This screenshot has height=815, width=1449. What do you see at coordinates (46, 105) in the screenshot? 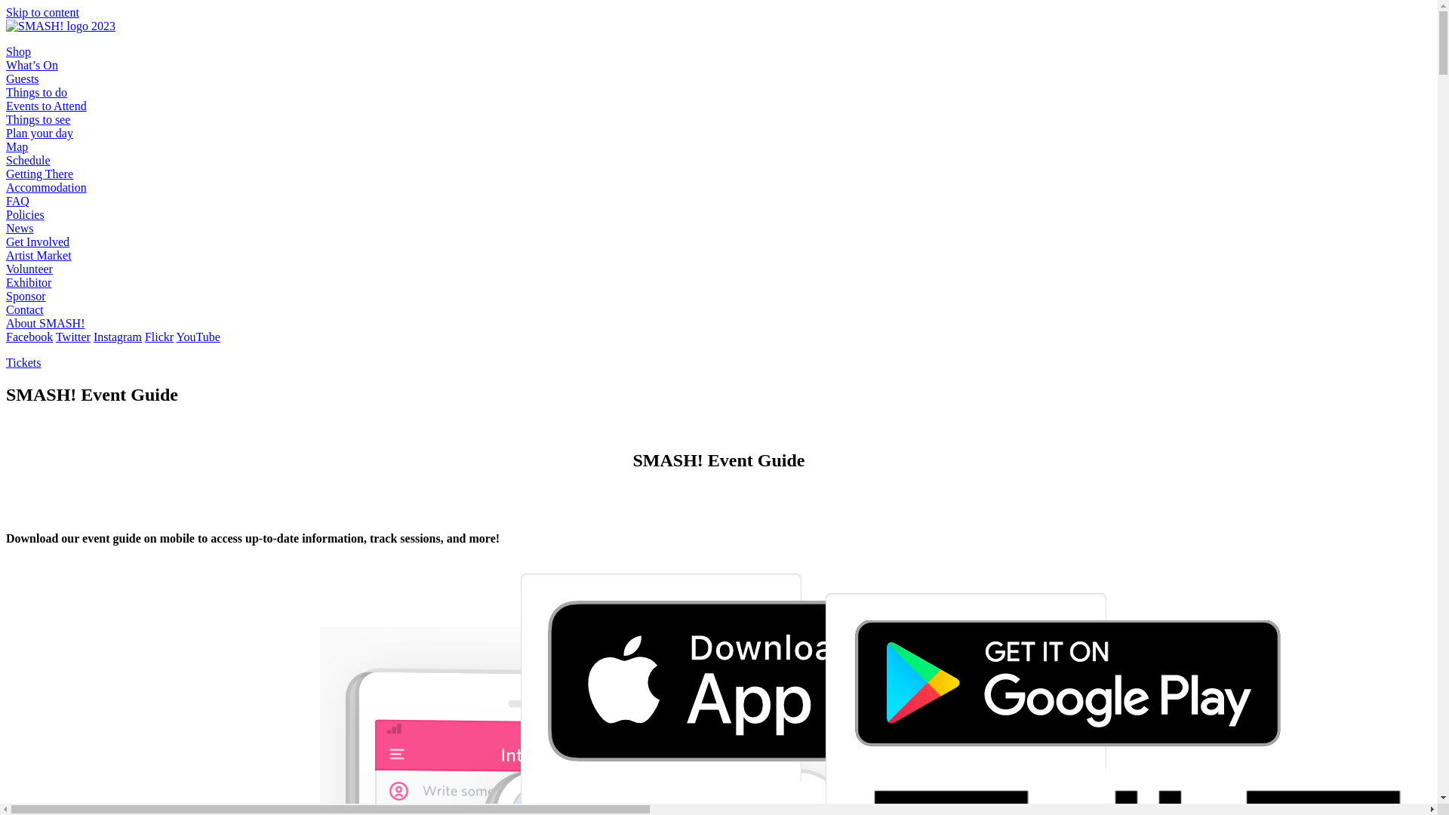
I see `'Events to Attend'` at bounding box center [46, 105].